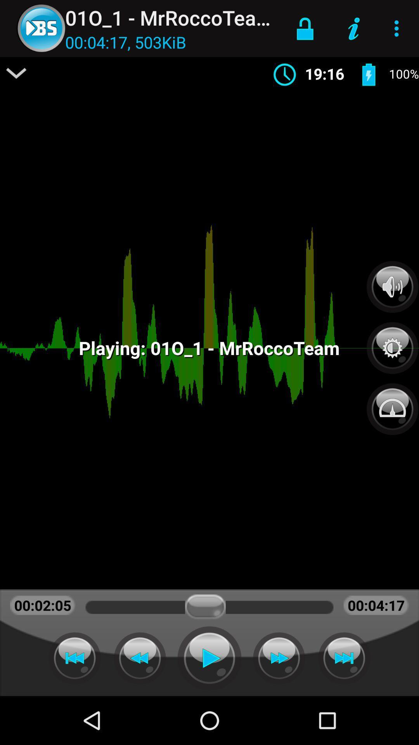 The width and height of the screenshot is (419, 745). I want to click on adjust audio, so click(392, 286).